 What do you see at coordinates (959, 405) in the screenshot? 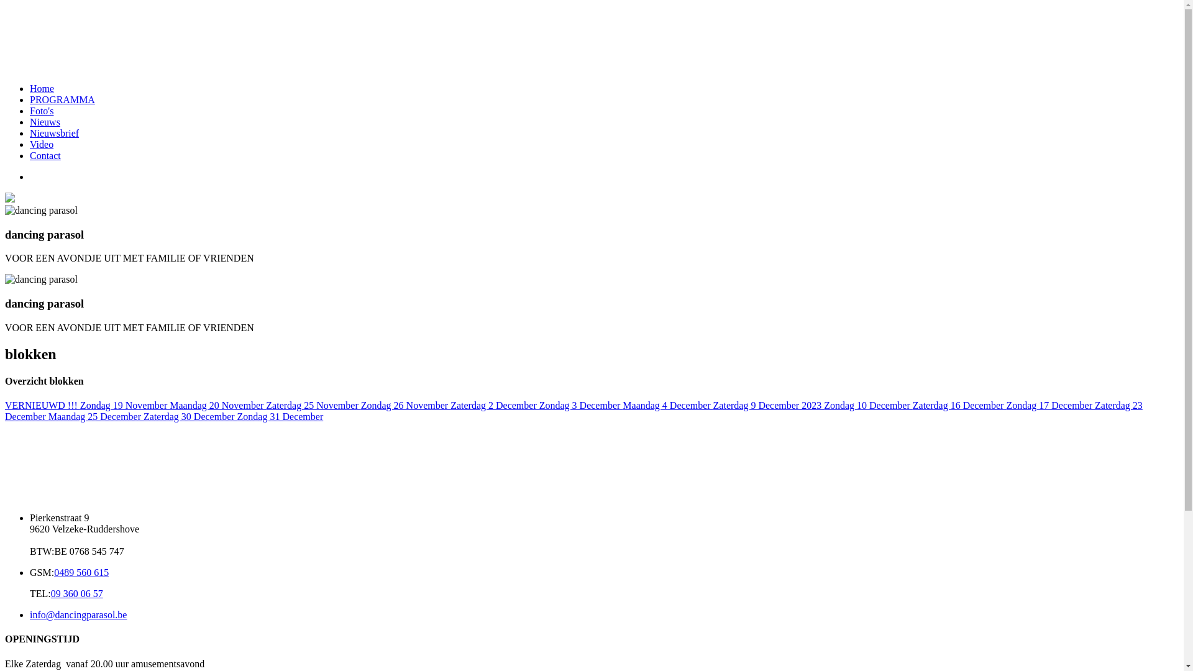
I see `'Zaterdag 16 December'` at bounding box center [959, 405].